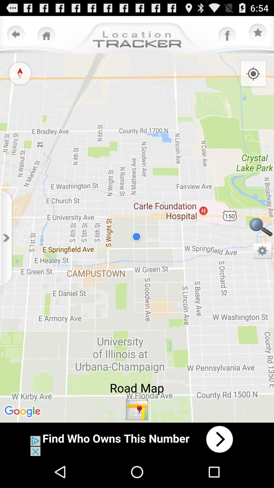  Describe the element at coordinates (137, 439) in the screenshot. I see `learn about this product` at that location.